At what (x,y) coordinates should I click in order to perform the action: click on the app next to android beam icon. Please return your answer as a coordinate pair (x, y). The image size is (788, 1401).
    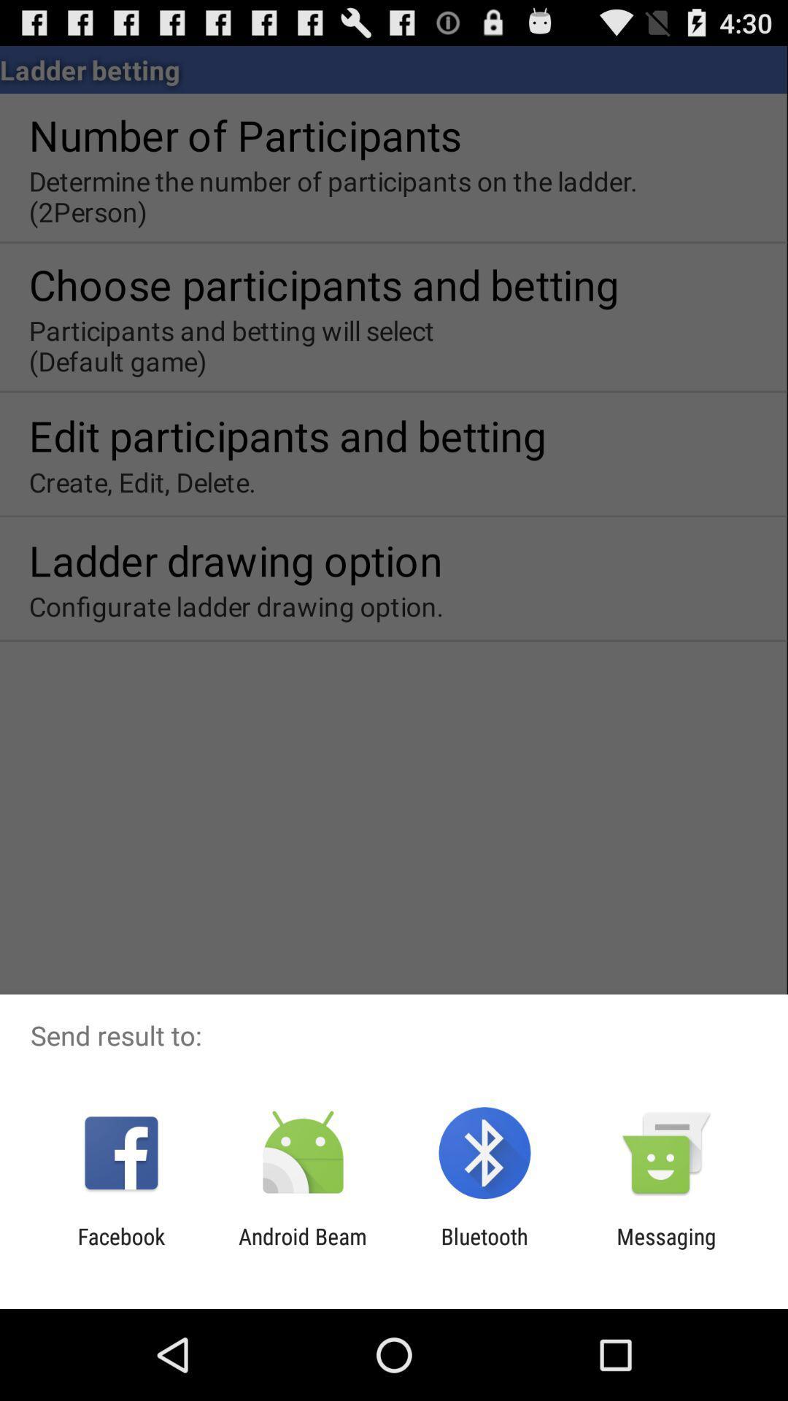
    Looking at the image, I should click on (484, 1248).